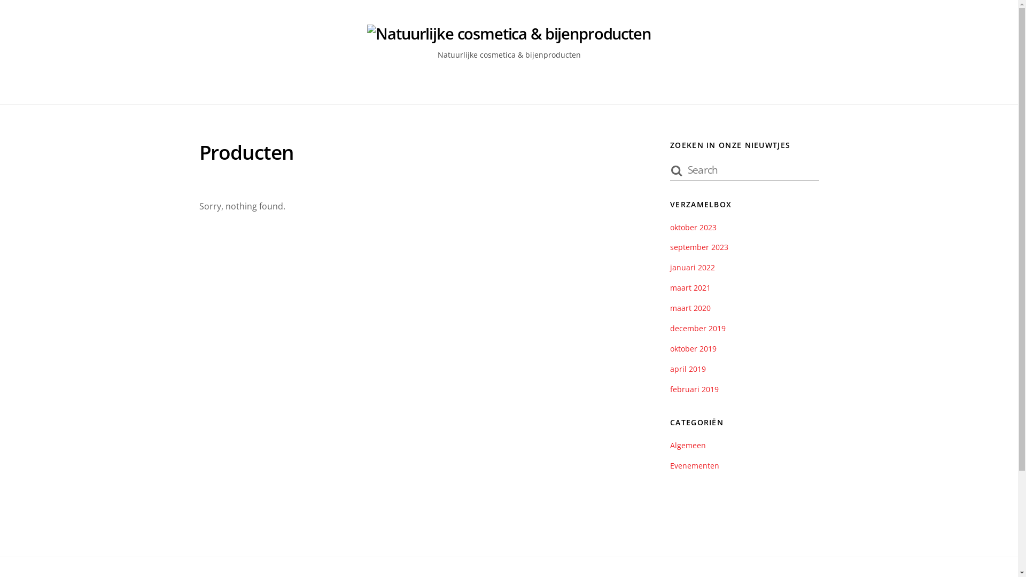 The height and width of the screenshot is (577, 1026). I want to click on 'Evenementen', so click(695, 465).